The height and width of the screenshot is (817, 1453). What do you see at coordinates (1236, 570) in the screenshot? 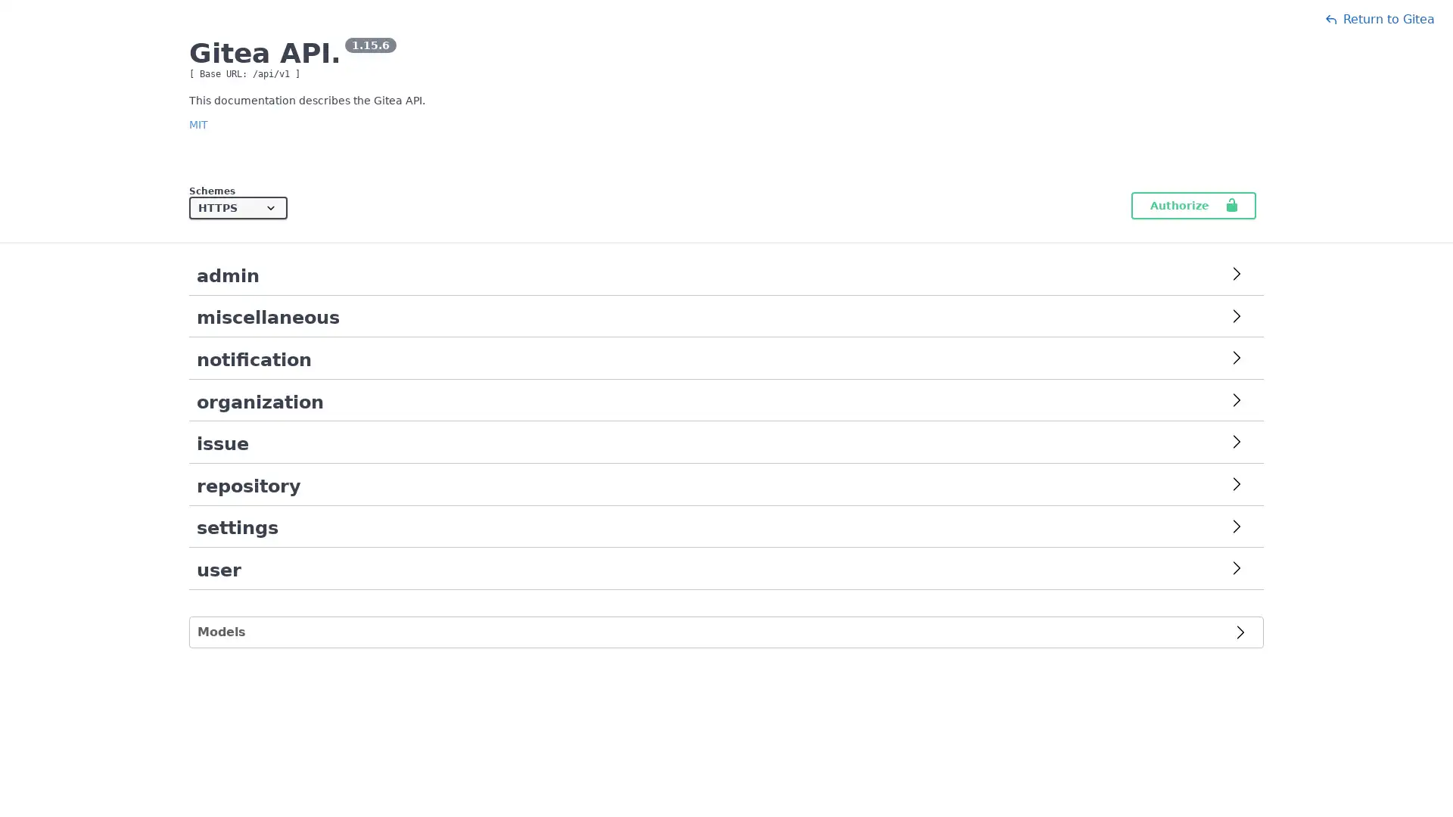
I see `Expand operation` at bounding box center [1236, 570].